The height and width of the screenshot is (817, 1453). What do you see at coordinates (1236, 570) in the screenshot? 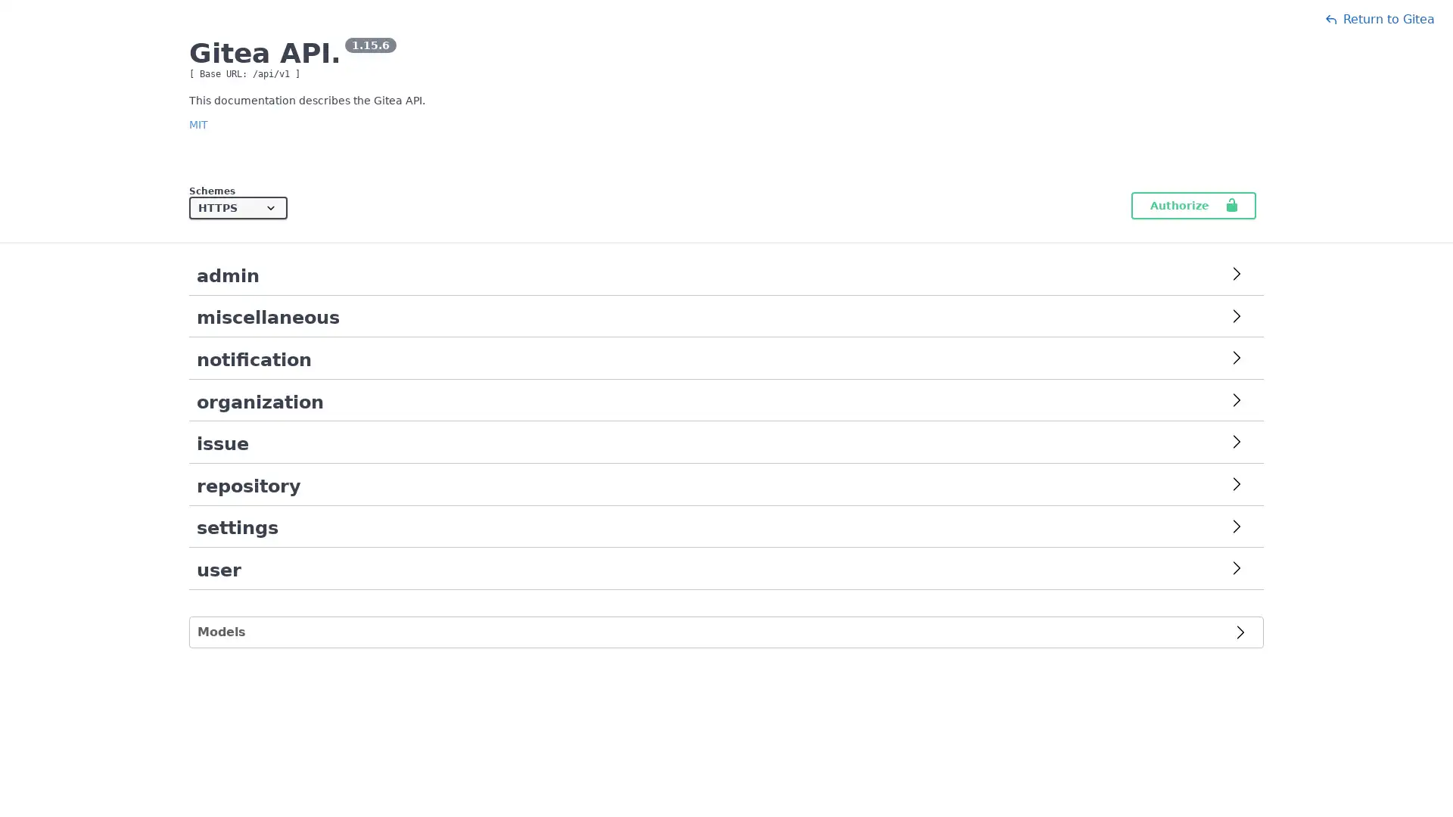
I see `Expand operation` at bounding box center [1236, 570].